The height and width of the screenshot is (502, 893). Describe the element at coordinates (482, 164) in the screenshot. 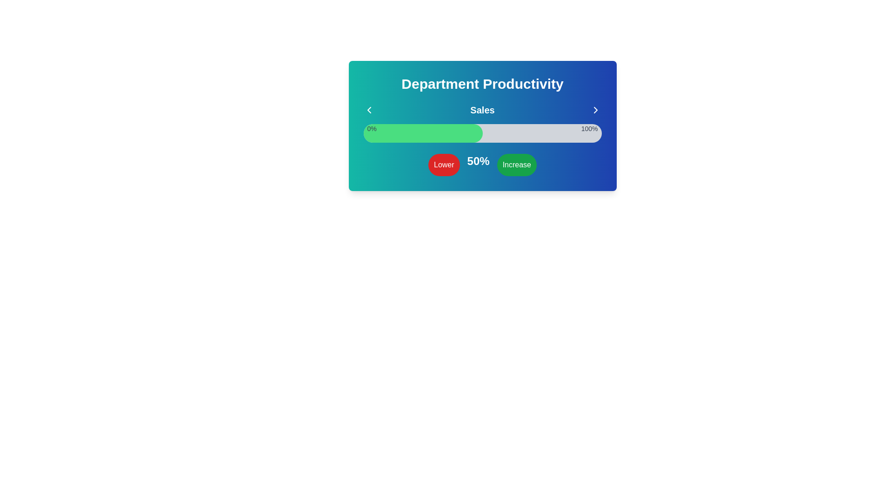

I see `the percentage value within the interactive controls for 'Lower', '50%', and 'Increase' located below the progress bar in the blue gradient box` at that location.